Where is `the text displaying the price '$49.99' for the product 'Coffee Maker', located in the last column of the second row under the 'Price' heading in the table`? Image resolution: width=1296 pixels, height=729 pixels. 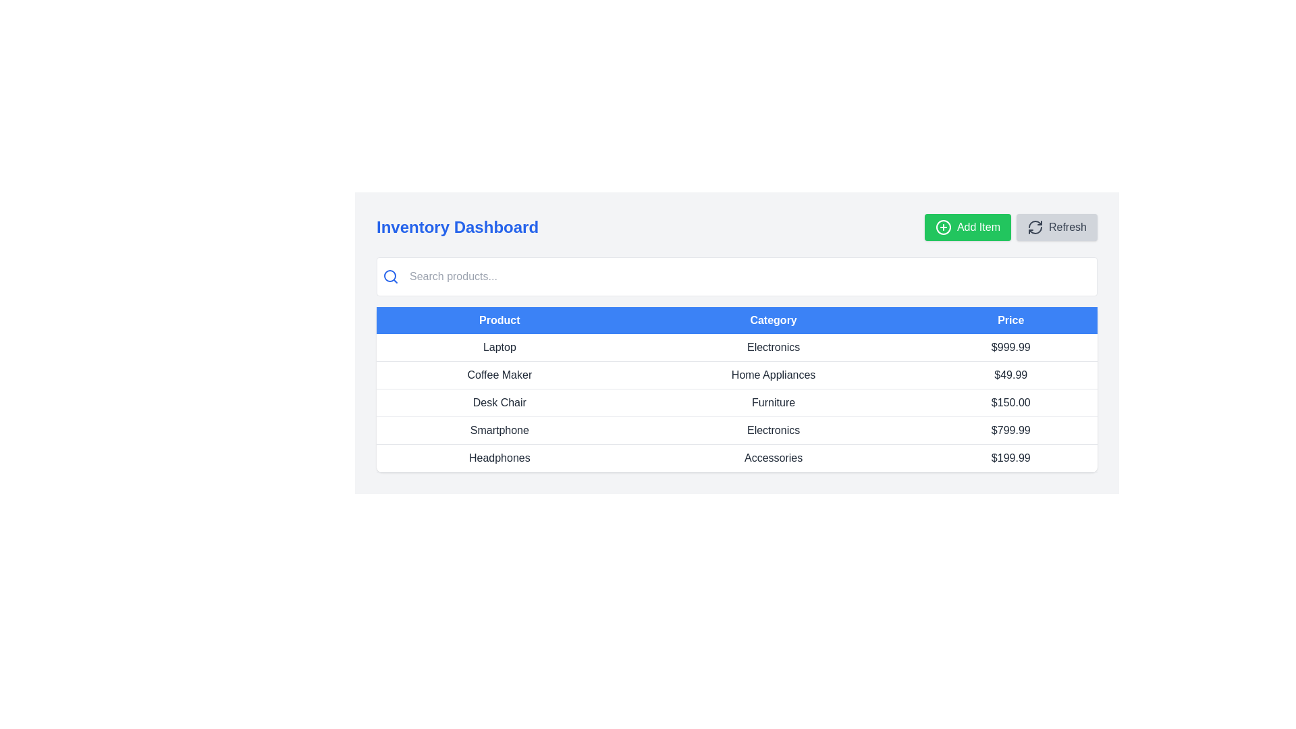
the text displaying the price '$49.99' for the product 'Coffee Maker', located in the last column of the second row under the 'Price' heading in the table is located at coordinates (1010, 375).